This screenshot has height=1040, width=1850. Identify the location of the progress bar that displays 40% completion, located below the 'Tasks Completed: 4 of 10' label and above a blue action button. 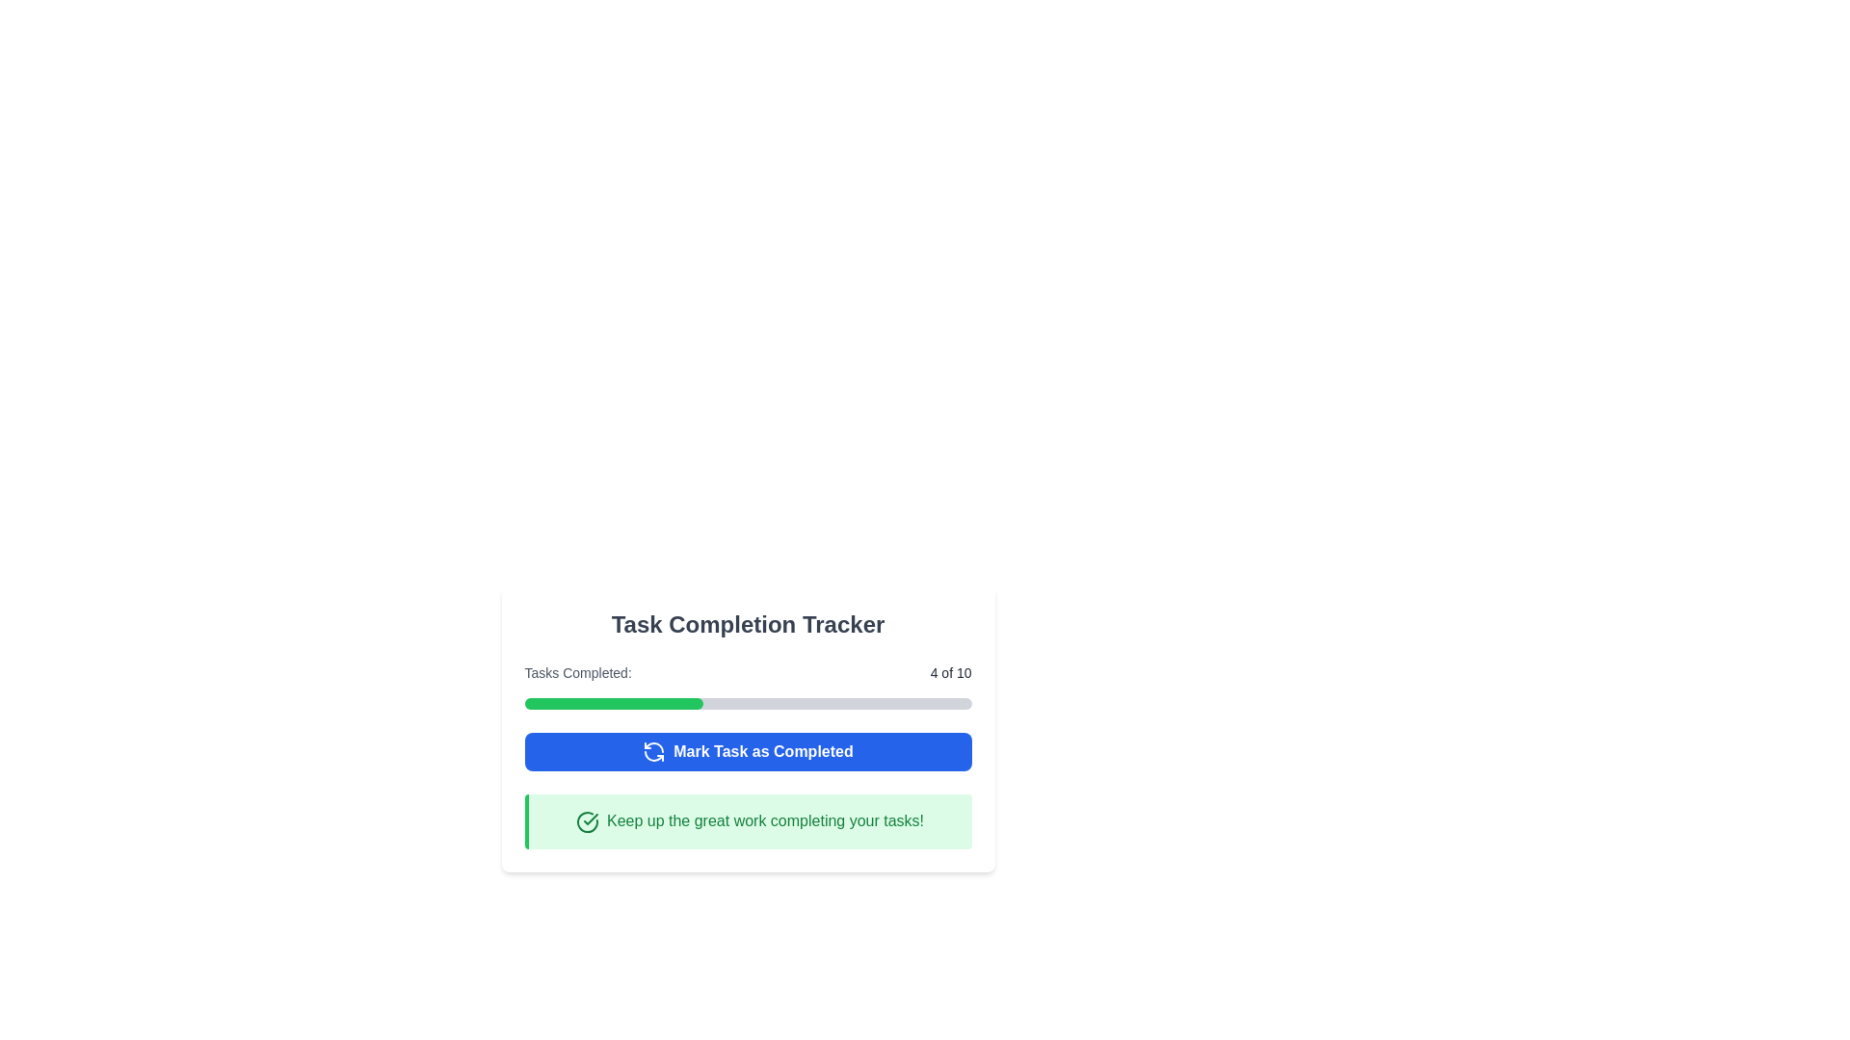
(747, 704).